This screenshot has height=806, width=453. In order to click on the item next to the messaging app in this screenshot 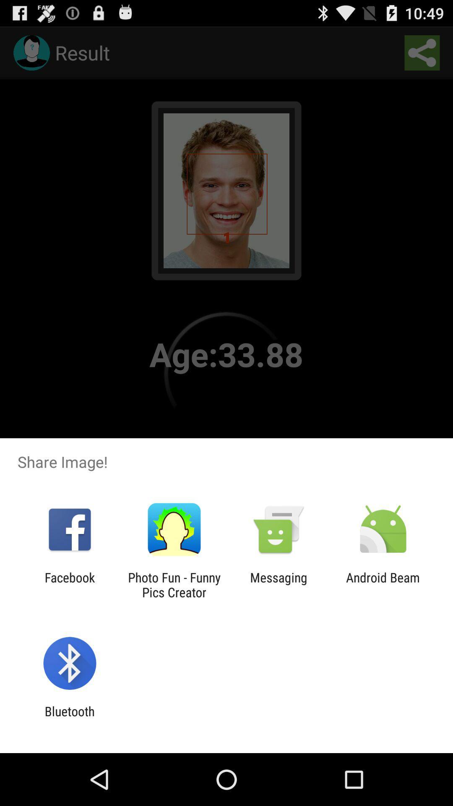, I will do `click(174, 584)`.